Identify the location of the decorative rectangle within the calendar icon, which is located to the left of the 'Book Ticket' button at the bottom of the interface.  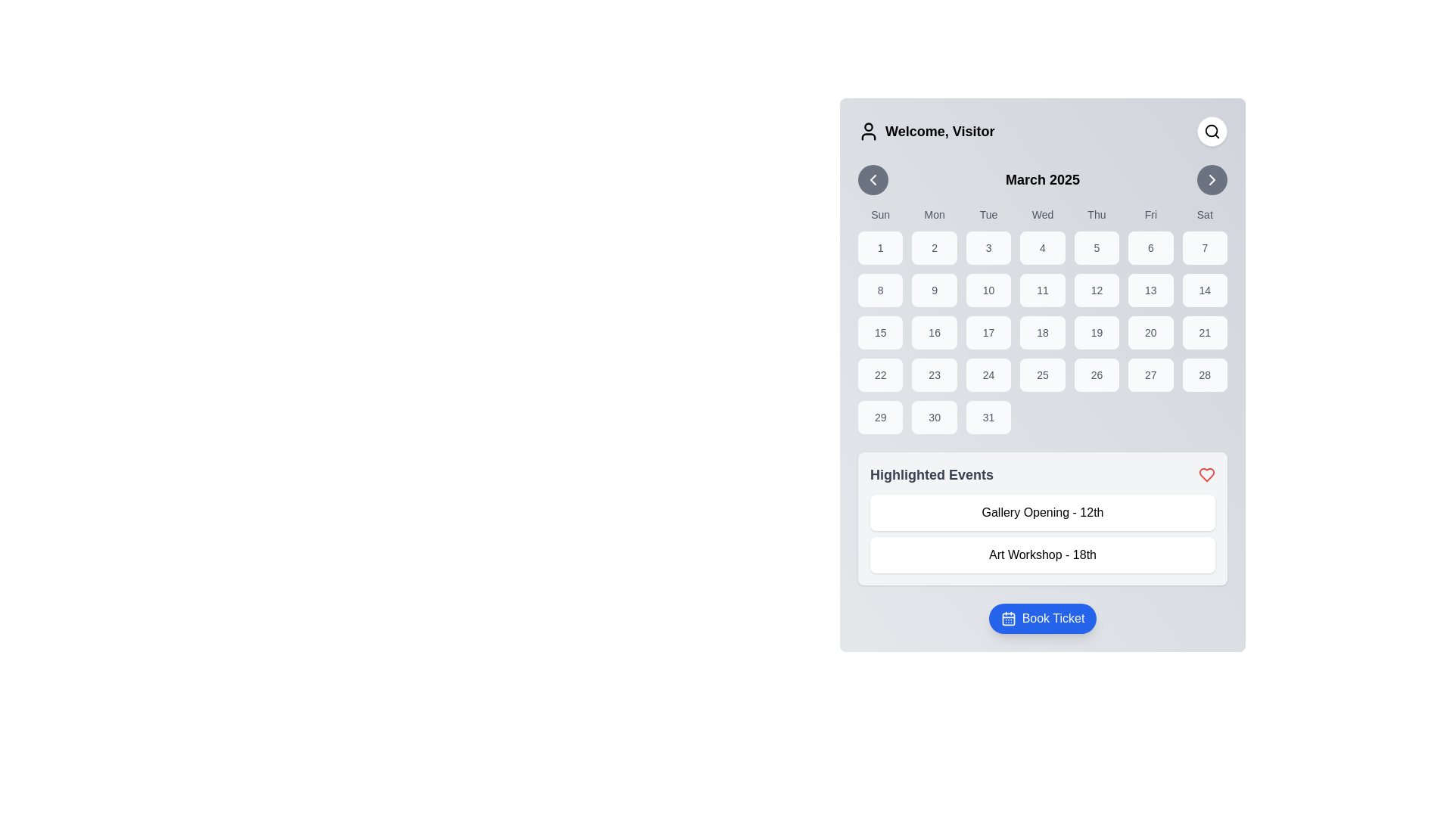
(1008, 619).